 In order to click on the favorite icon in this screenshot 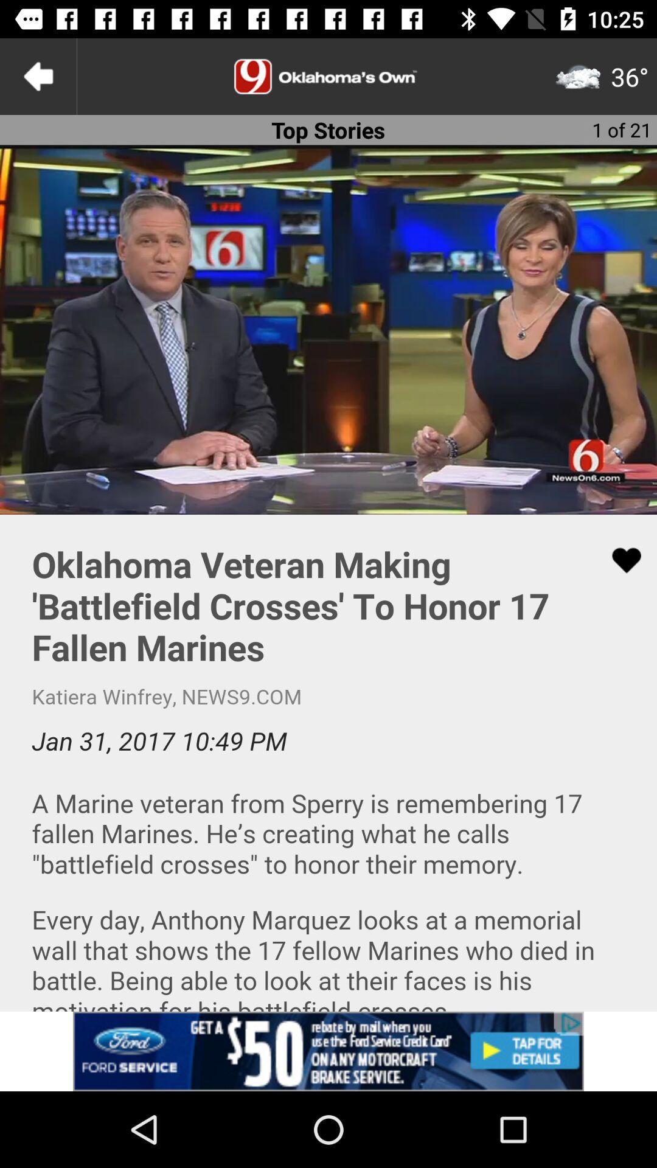, I will do `click(619, 560)`.